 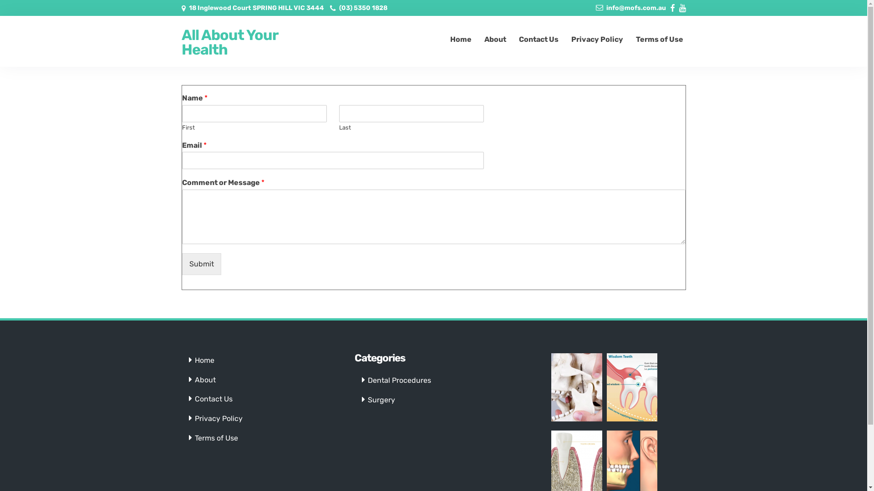 What do you see at coordinates (495, 39) in the screenshot?
I see `'About'` at bounding box center [495, 39].